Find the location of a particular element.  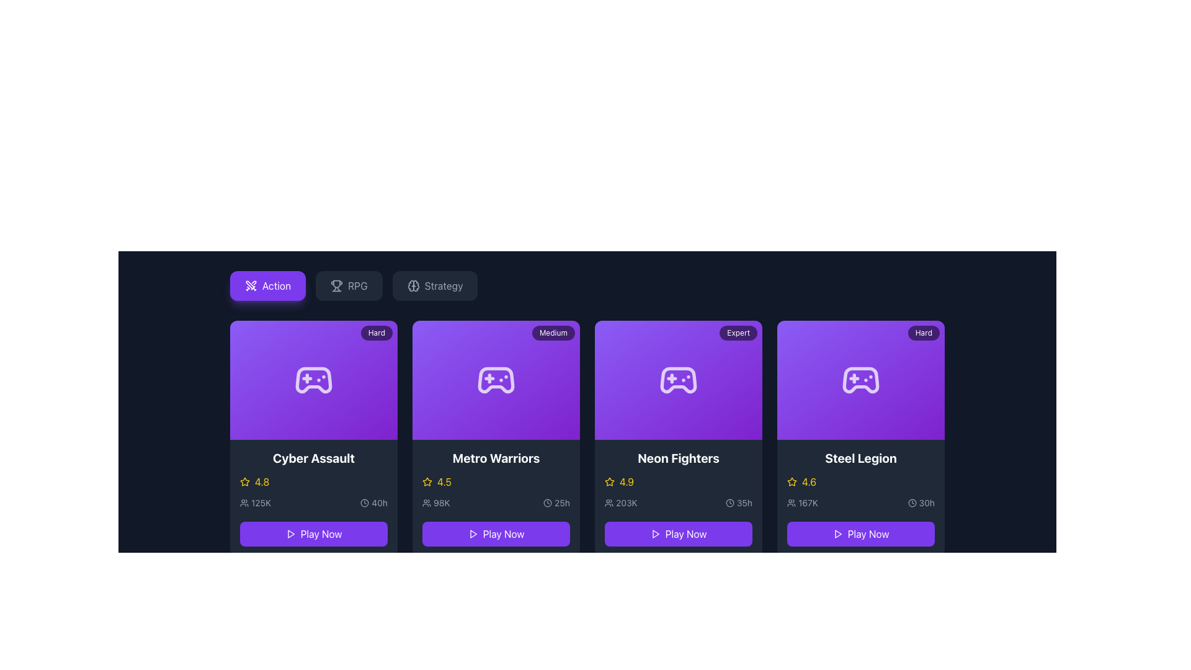

the play icon located in the fourth card (Steel Legion) within the 'Play Now' button area is located at coordinates (837, 533).